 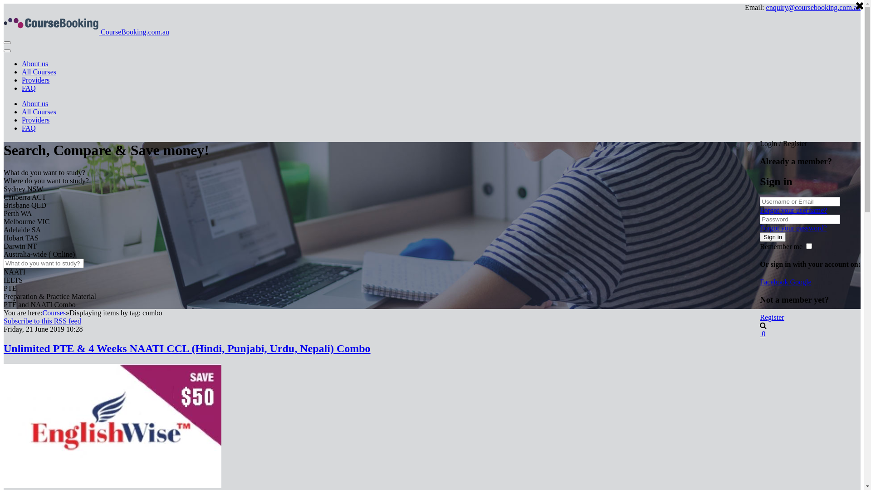 What do you see at coordinates (34, 63) in the screenshot?
I see `'About us'` at bounding box center [34, 63].